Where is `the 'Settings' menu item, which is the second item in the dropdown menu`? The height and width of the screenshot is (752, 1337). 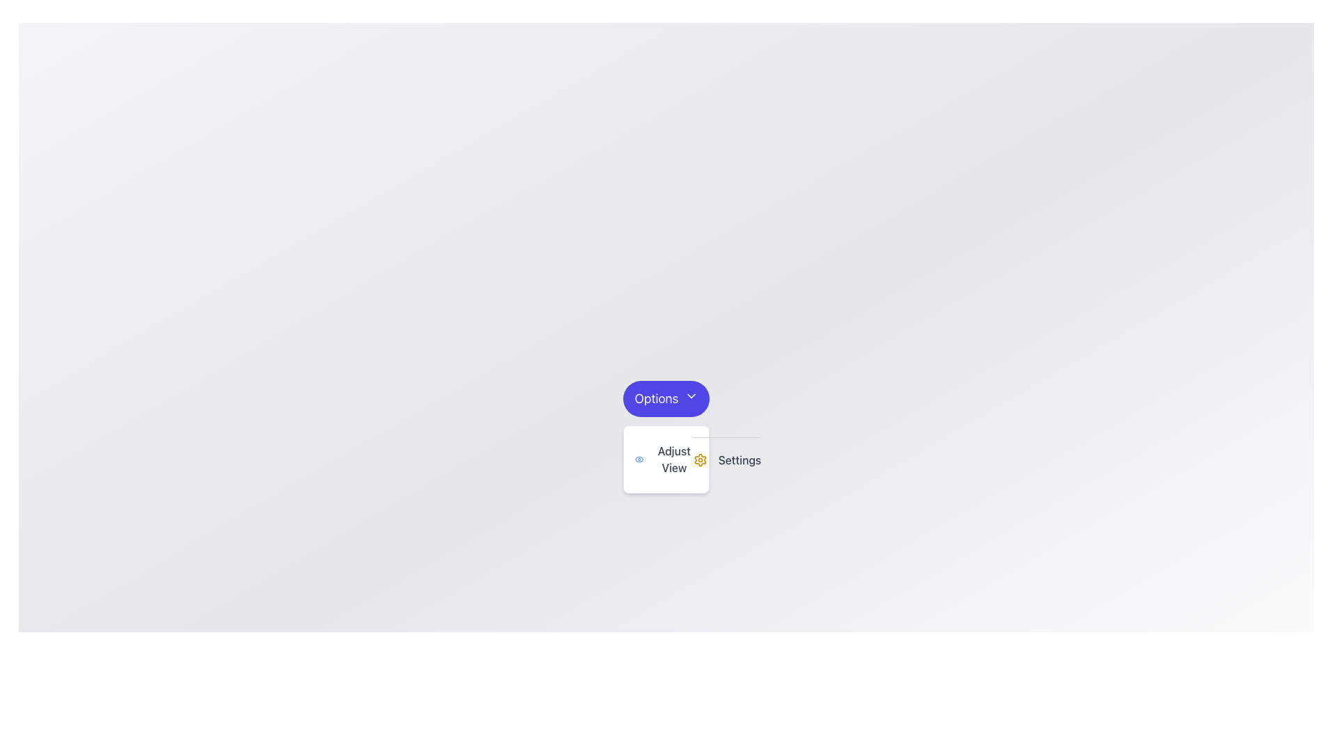
the 'Settings' menu item, which is the second item in the dropdown menu is located at coordinates (726, 459).